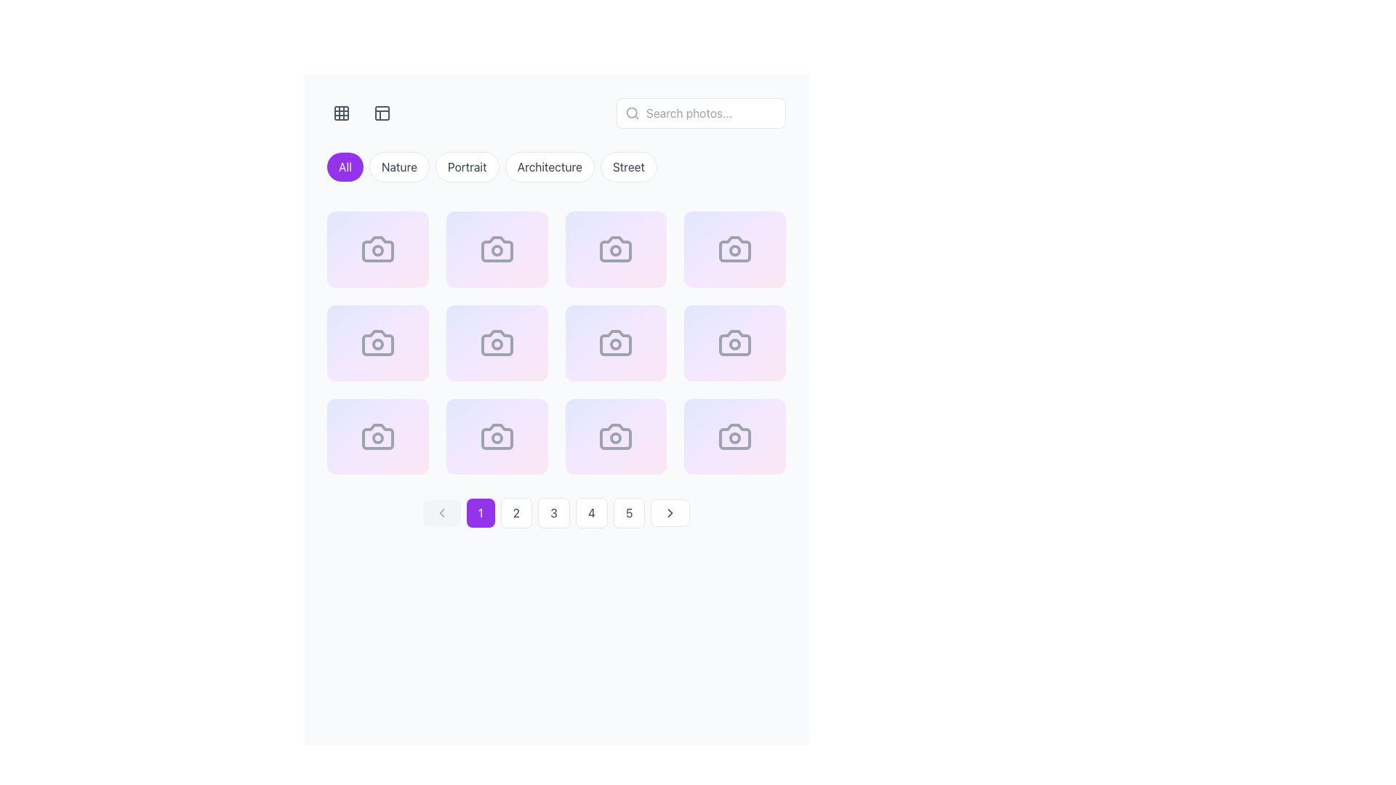  What do you see at coordinates (616, 357) in the screenshot?
I see `the Icon Group situated at the bottom portion of the image card labeled 'Photograph #7' in the 3x3 grid layout` at bounding box center [616, 357].